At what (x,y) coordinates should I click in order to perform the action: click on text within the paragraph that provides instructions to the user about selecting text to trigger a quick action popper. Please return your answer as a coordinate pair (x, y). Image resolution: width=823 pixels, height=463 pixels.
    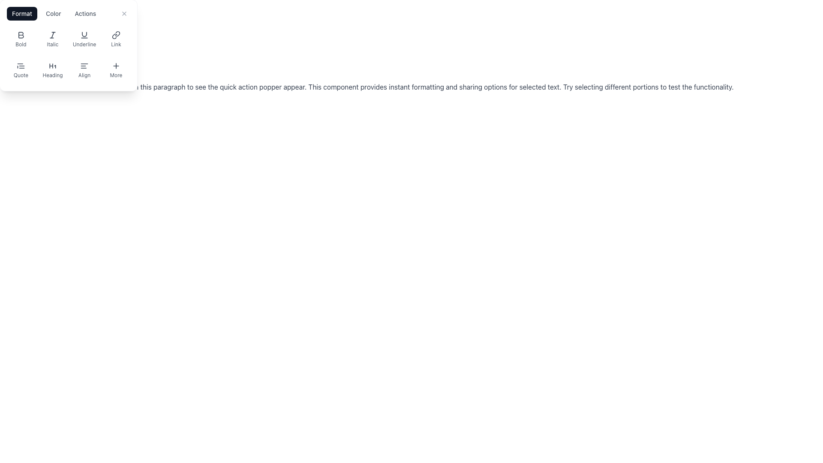
    Looking at the image, I should click on (409, 87).